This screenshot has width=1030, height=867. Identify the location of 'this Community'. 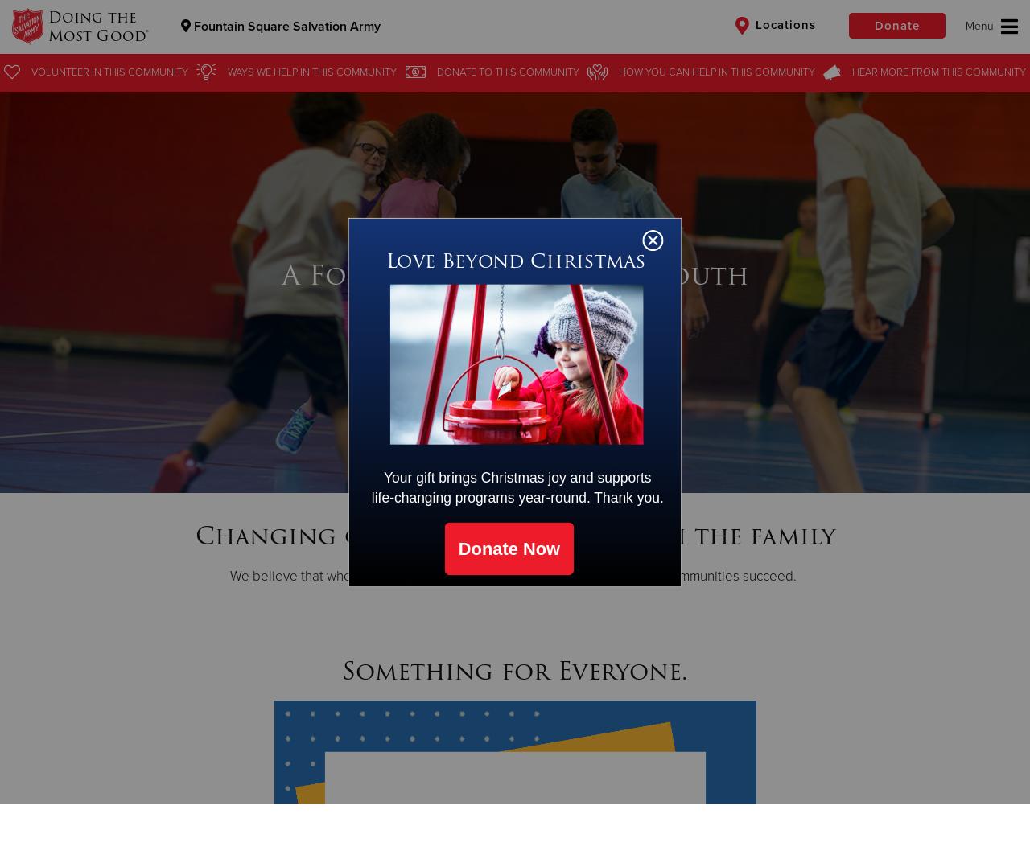
(982, 72).